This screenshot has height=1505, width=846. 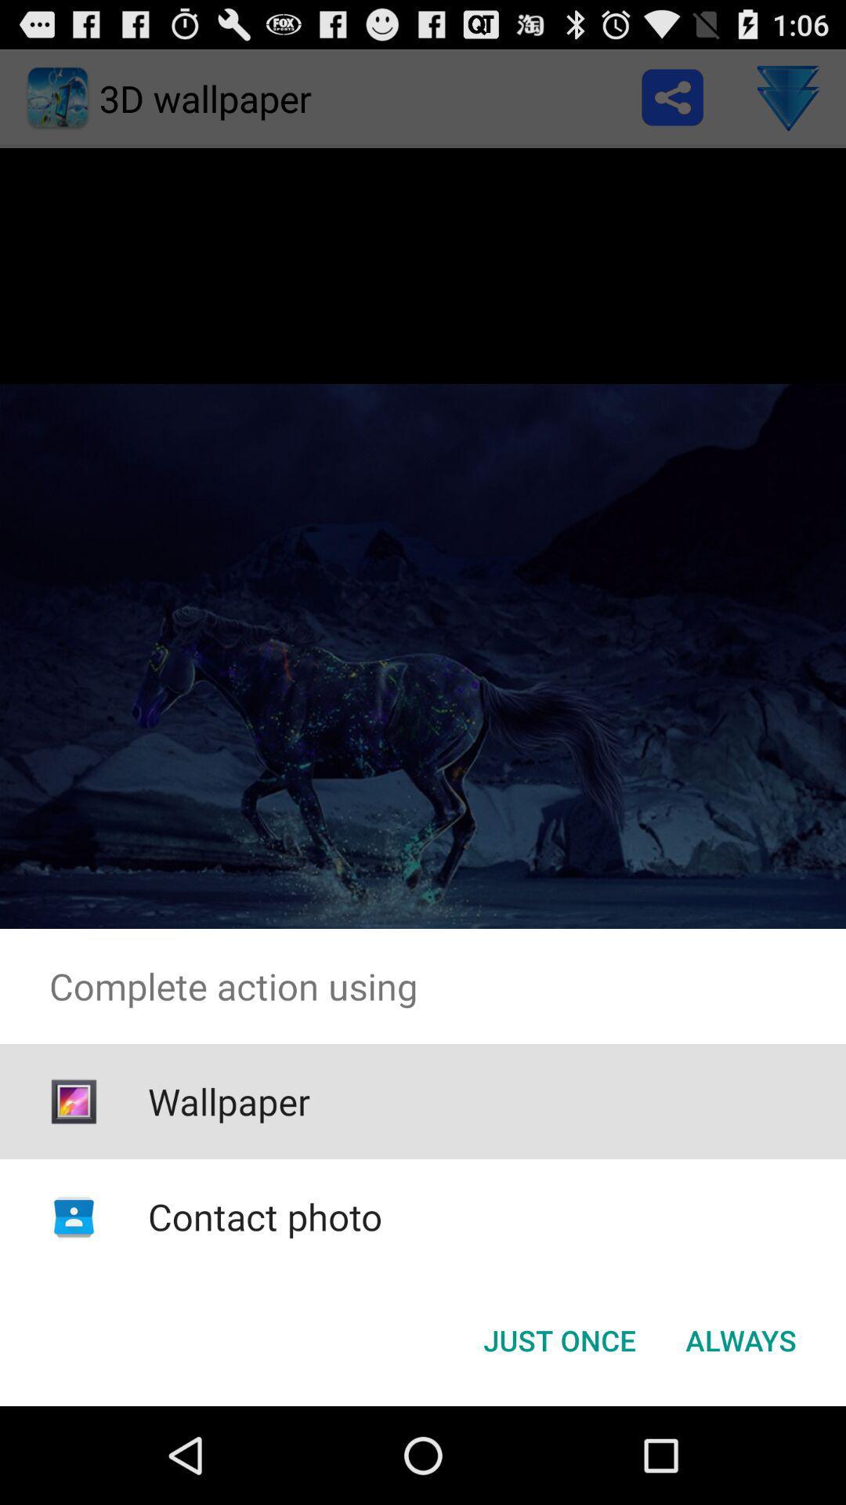 I want to click on icon next to the always button, so click(x=559, y=1339).